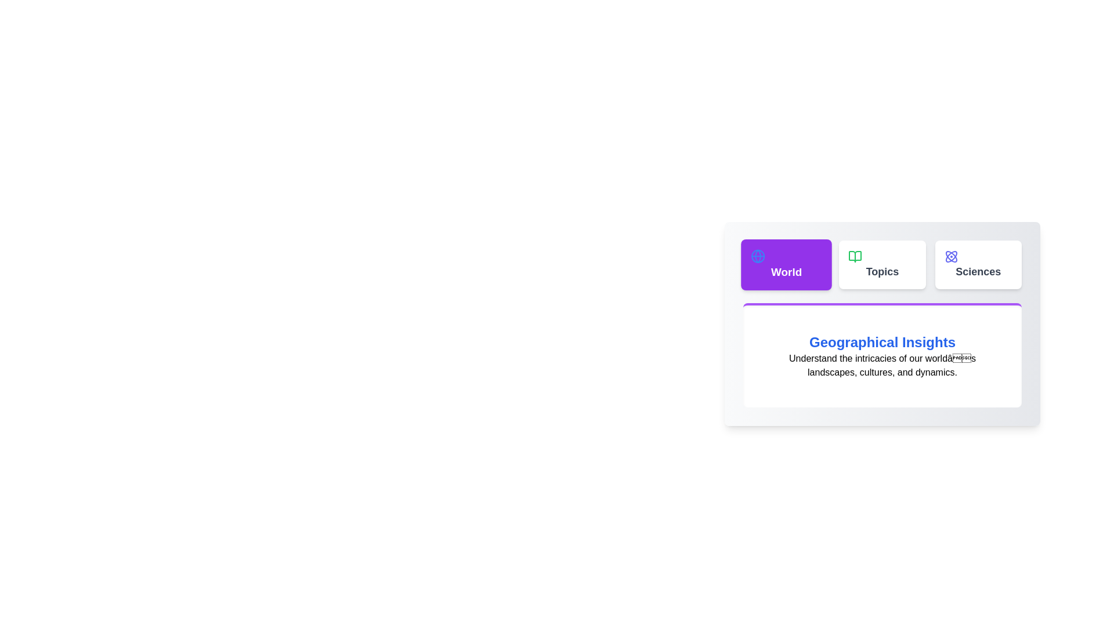 The height and width of the screenshot is (626, 1114). What do you see at coordinates (978, 264) in the screenshot?
I see `the tab labeled Sciences to preview its interaction` at bounding box center [978, 264].